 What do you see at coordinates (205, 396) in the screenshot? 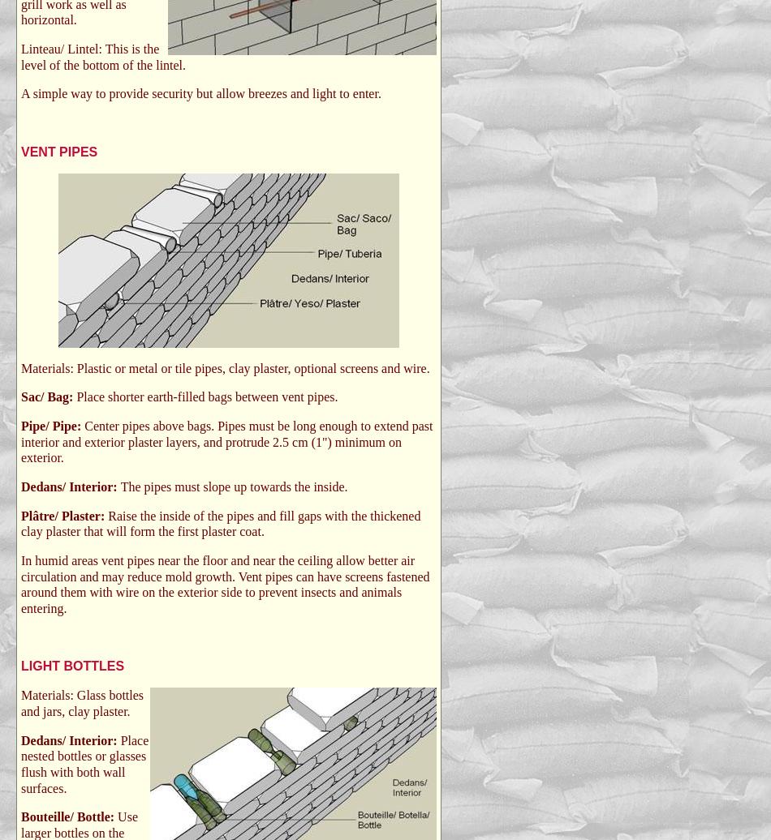
I see `'Place shorter earth-filled bags between vent pipes.'` at bounding box center [205, 396].